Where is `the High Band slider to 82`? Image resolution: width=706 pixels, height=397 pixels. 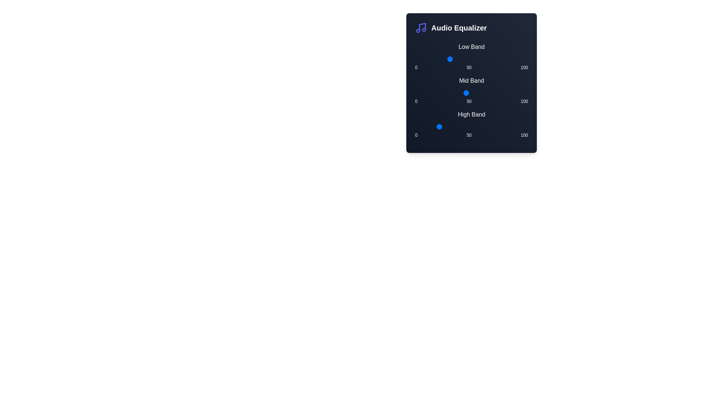
the High Band slider to 82 is located at coordinates (507, 126).